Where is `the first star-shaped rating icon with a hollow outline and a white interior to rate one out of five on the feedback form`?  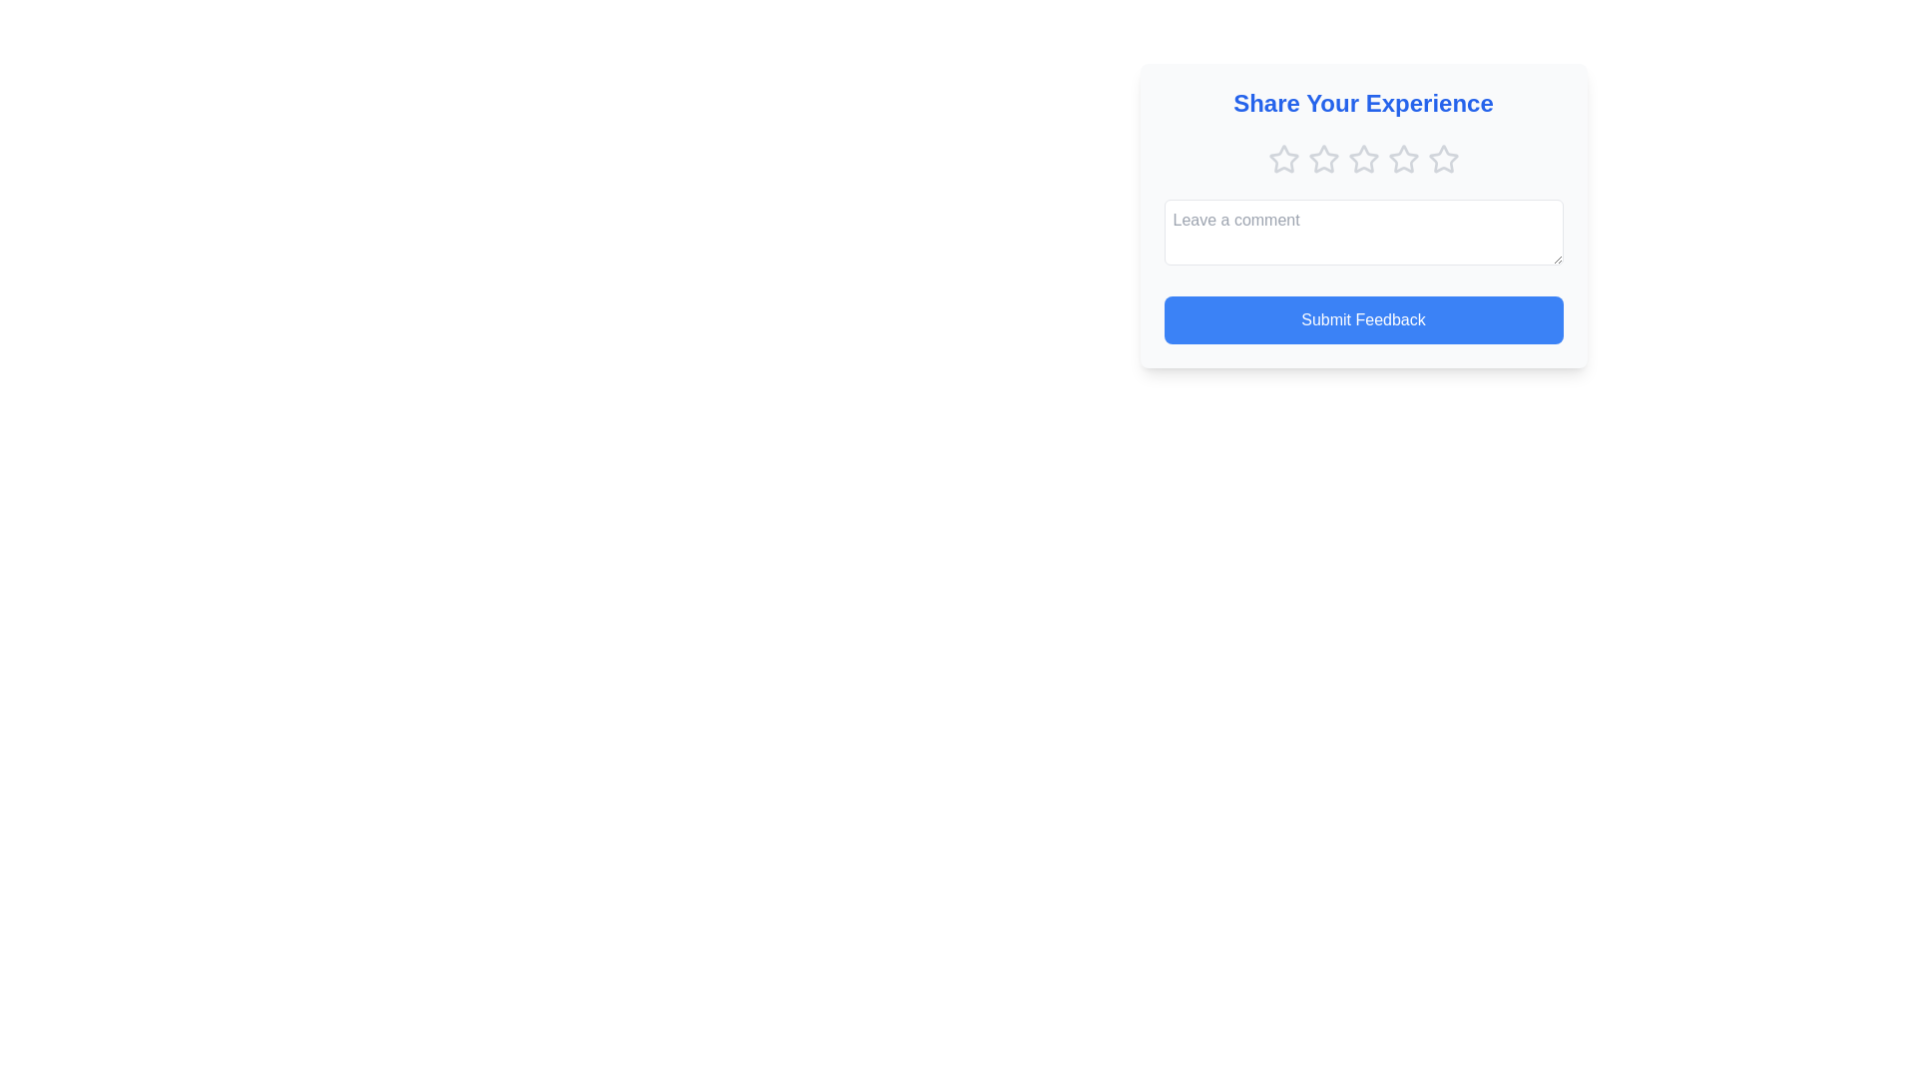 the first star-shaped rating icon with a hollow outline and a white interior to rate one out of five on the feedback form is located at coordinates (1283, 157).